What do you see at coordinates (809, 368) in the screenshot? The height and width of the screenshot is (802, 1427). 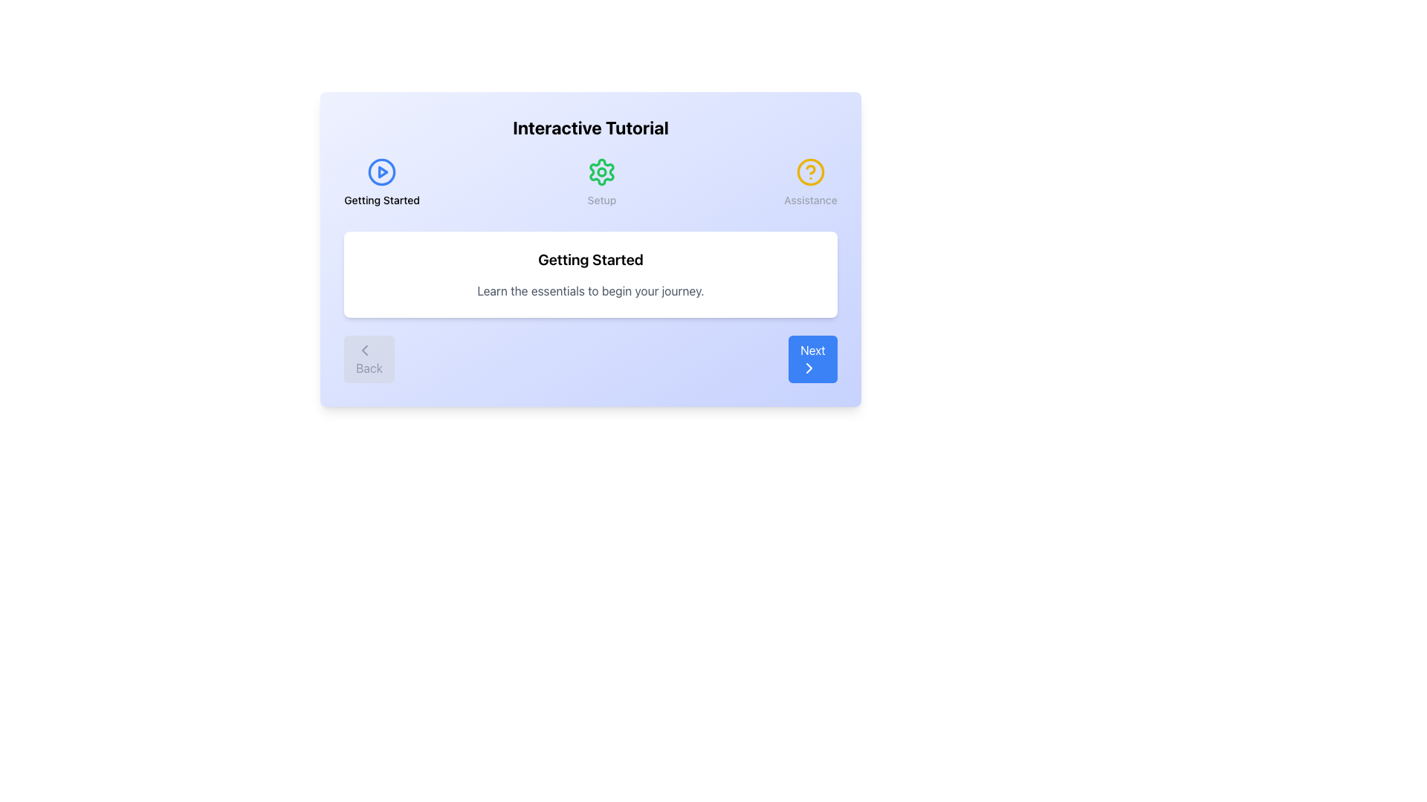 I see `the arrow graphic within the chevron-style icon located in the 'Next' button at the bottom-right corner of the interface` at bounding box center [809, 368].